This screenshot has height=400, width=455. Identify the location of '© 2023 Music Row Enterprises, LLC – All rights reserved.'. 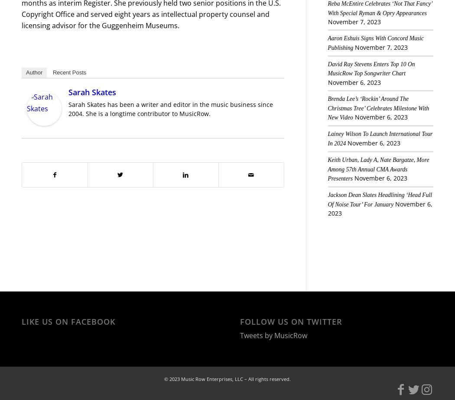
(227, 379).